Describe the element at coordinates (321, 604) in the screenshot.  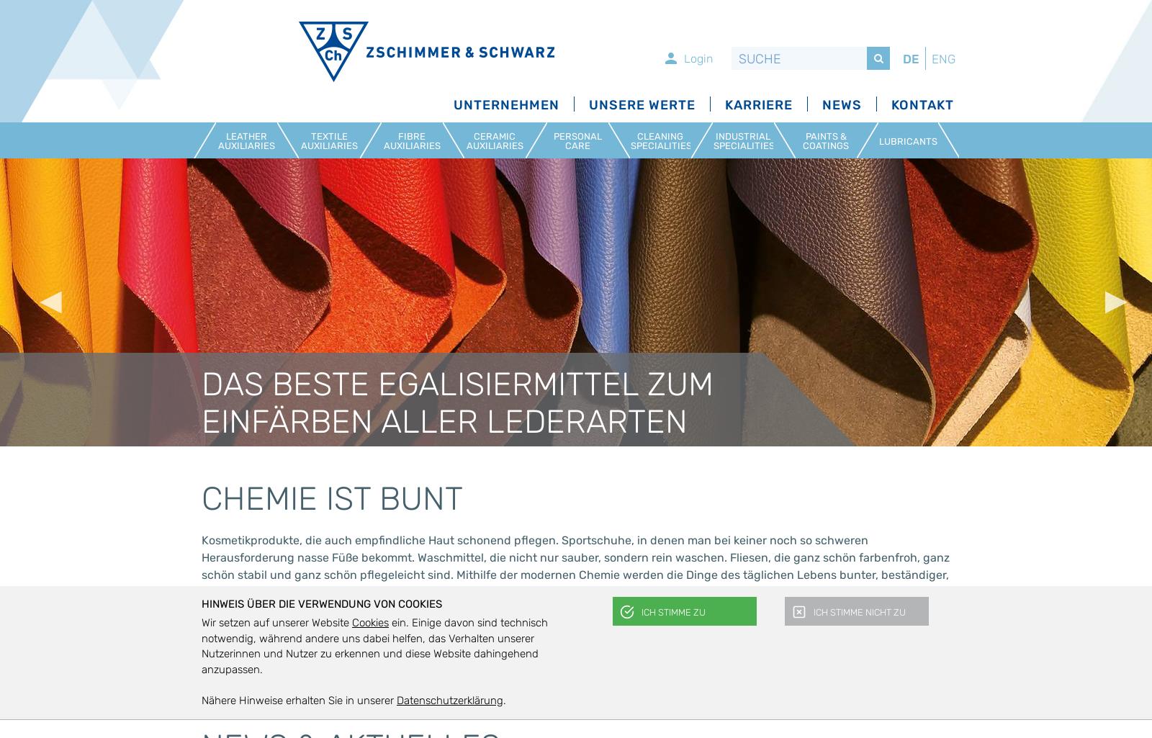
I see `'Hinweis über die Verwendung von Cookies'` at that location.